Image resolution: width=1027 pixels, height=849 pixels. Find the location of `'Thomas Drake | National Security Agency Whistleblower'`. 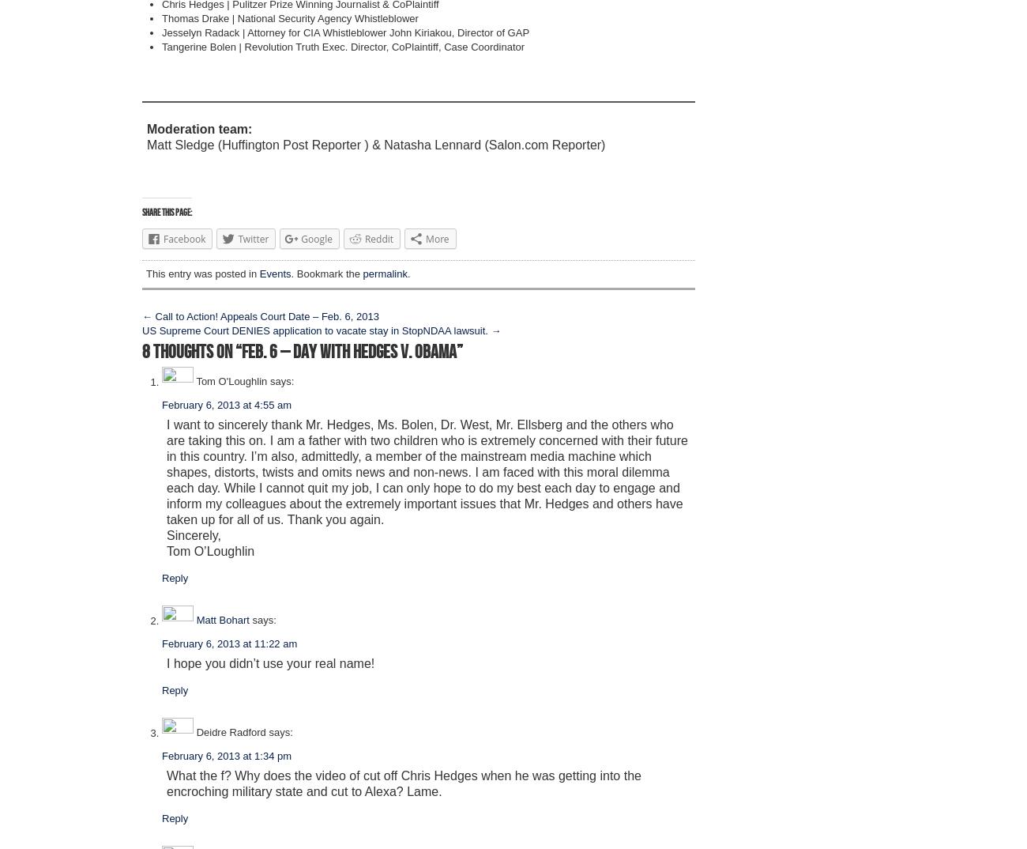

'Thomas Drake | National Security Agency Whistleblower' is located at coordinates (288, 17).